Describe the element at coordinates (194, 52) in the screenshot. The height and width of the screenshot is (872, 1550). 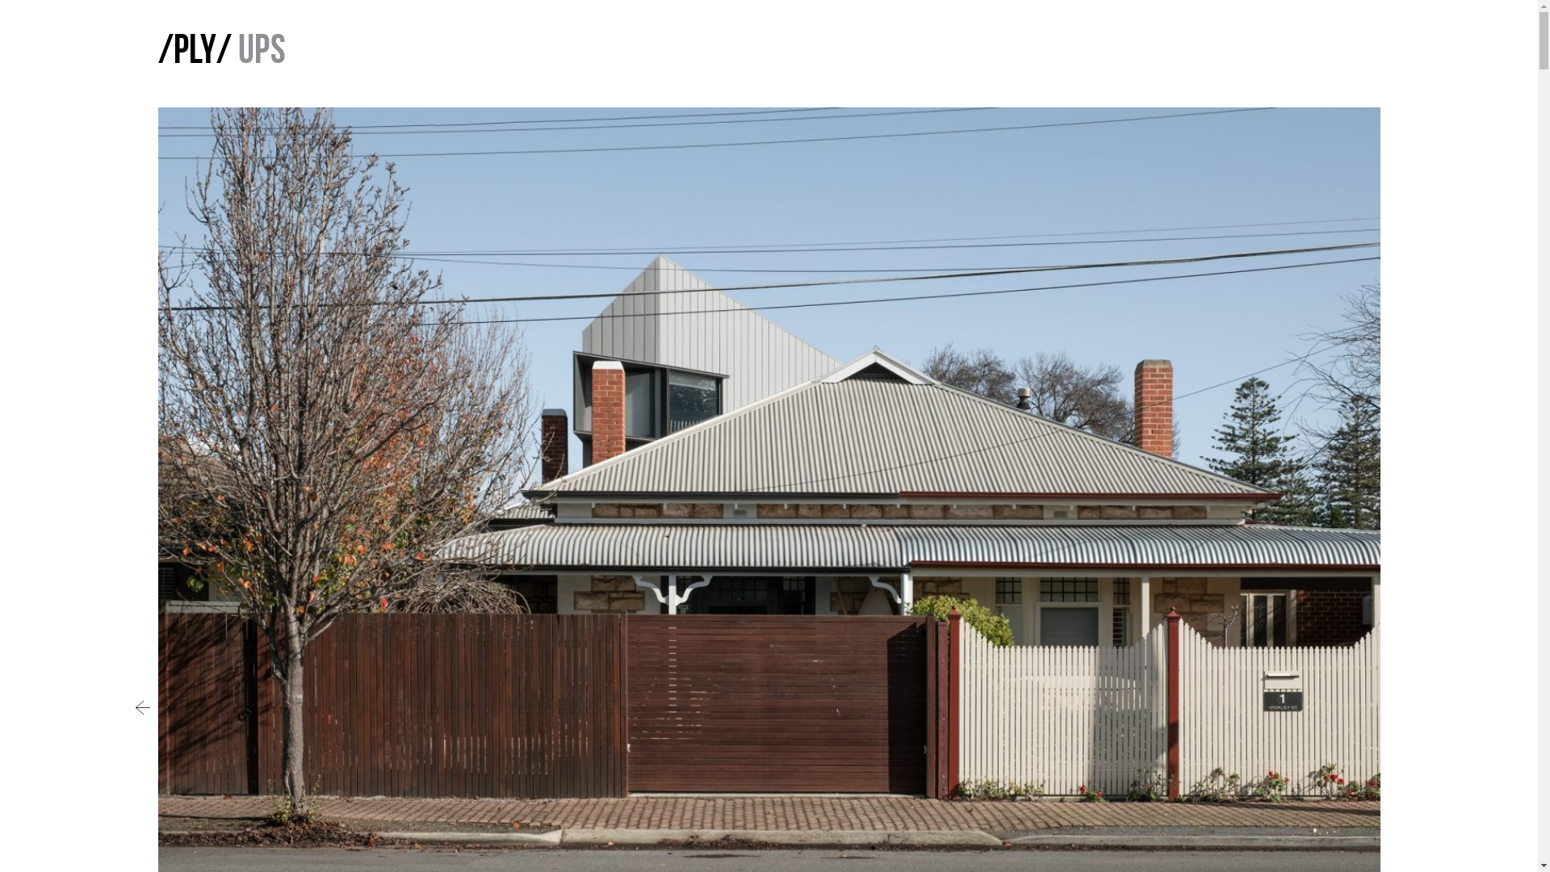
I see `'/PLY/'` at that location.